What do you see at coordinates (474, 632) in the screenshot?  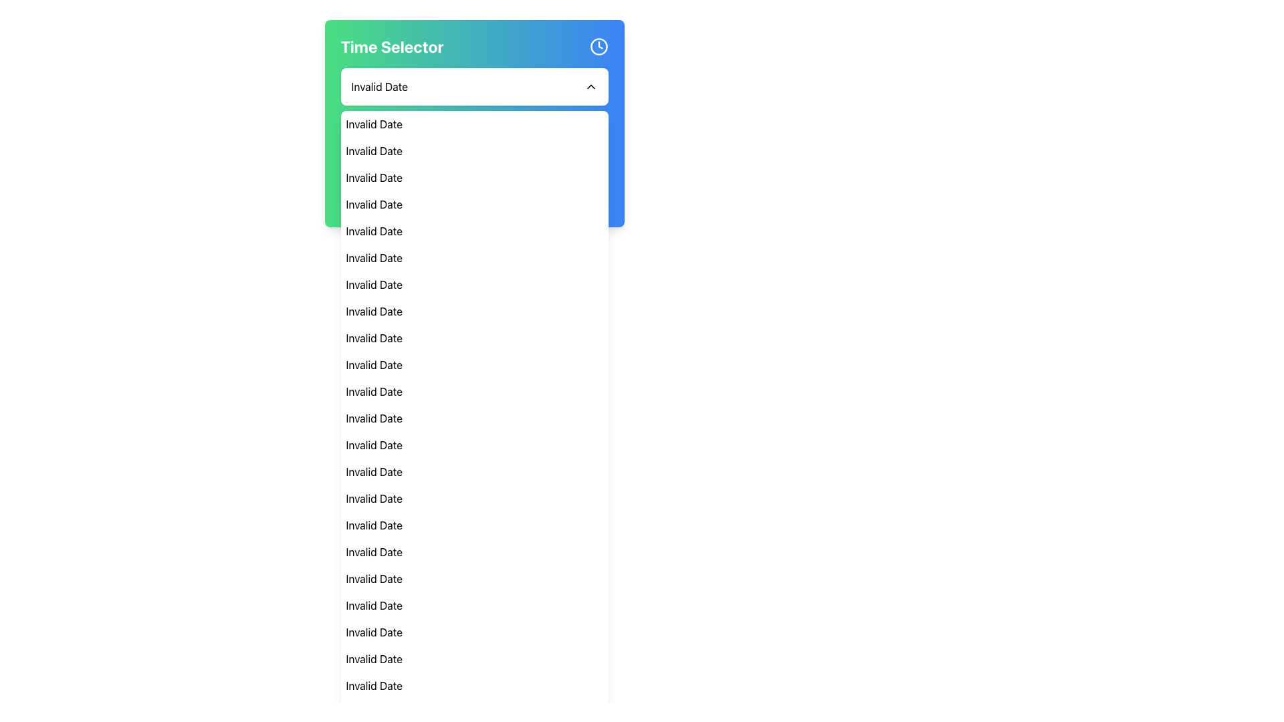 I see `the 21st item in the dropdown menu` at bounding box center [474, 632].